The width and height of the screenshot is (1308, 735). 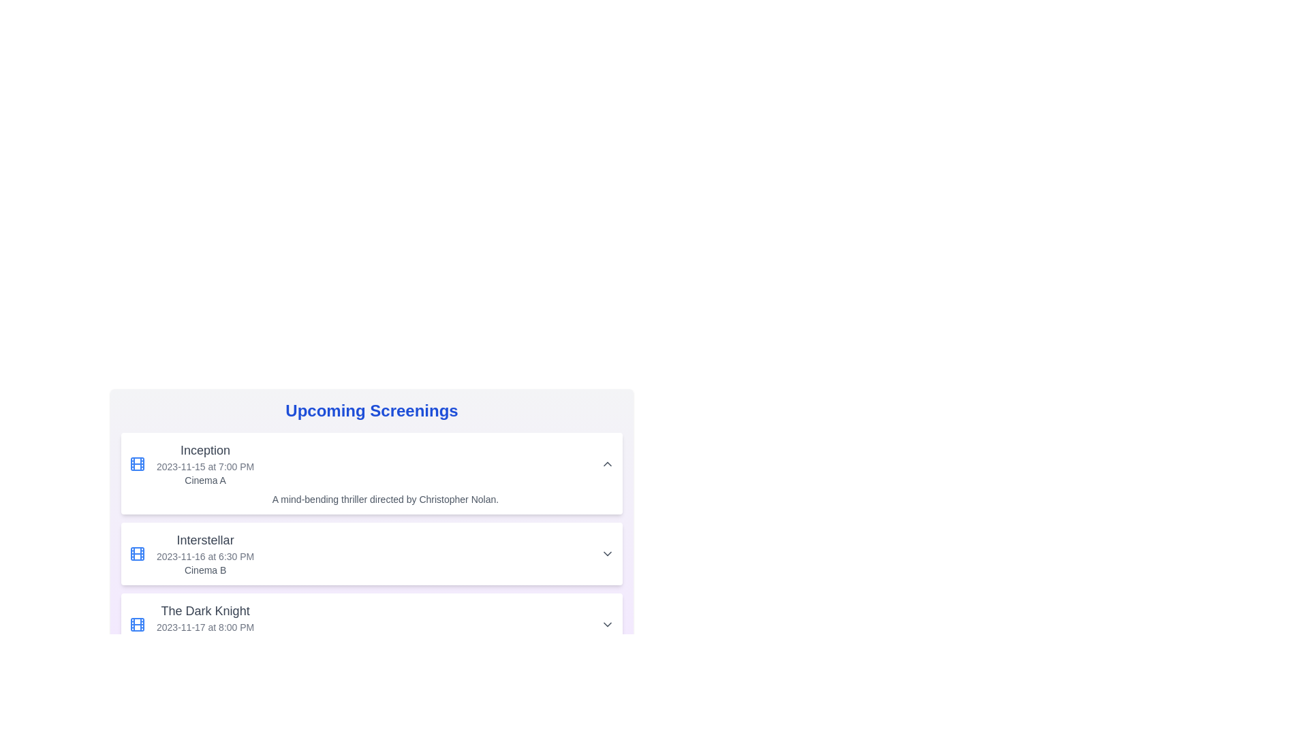 I want to click on the text label that reads 'Cinema A', which is styled in a small gray font and located at the bottom of the movie screening details for 'Inception' on '2023-11-15 at 7:00 PM', so click(x=204, y=479).